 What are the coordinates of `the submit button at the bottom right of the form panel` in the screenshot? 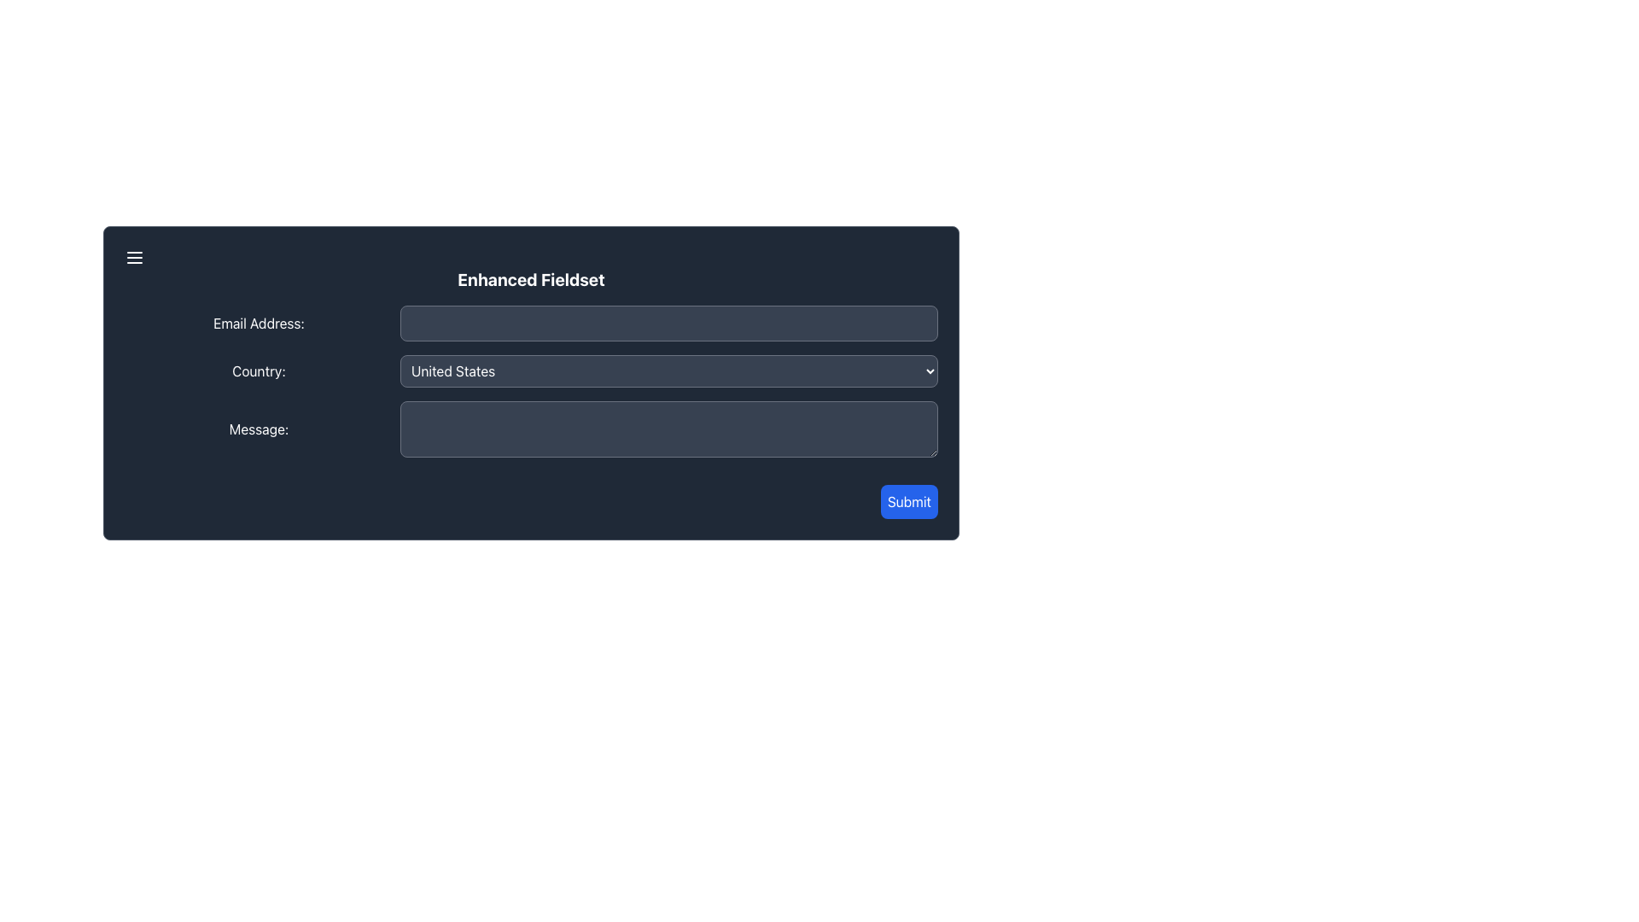 It's located at (908, 500).